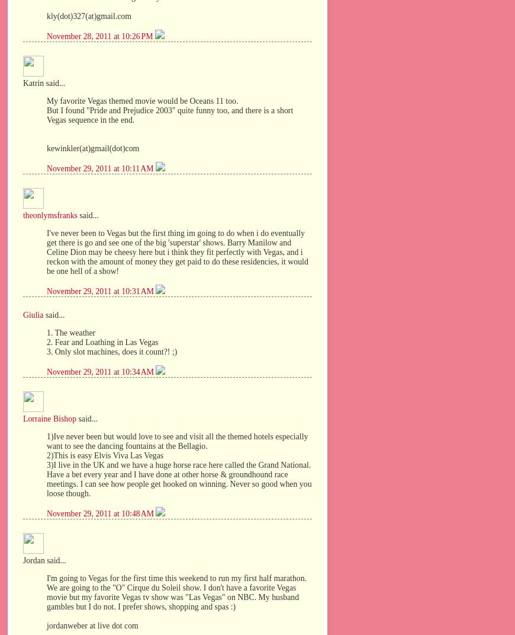  What do you see at coordinates (91, 625) in the screenshot?
I see `'jordanweber at live dot com'` at bounding box center [91, 625].